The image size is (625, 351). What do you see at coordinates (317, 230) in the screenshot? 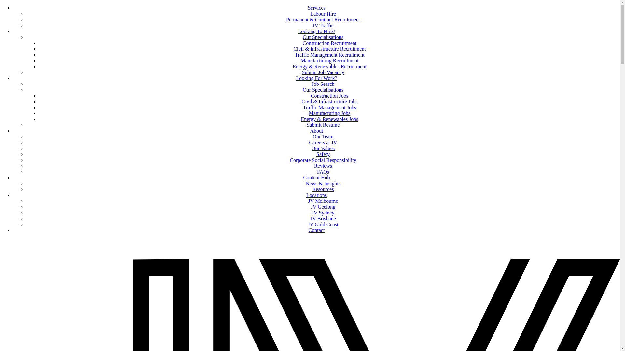
I see `'Contact'` at bounding box center [317, 230].